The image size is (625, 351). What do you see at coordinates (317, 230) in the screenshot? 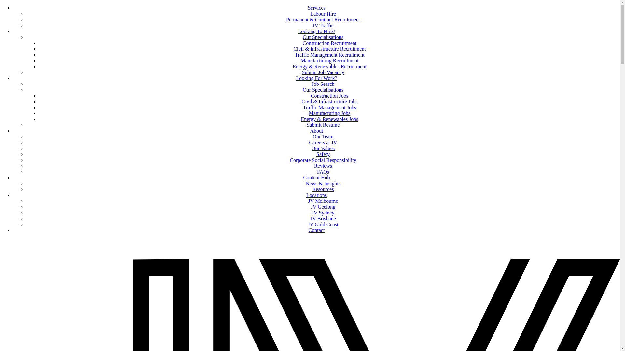
I see `'Contact'` at bounding box center [317, 230].